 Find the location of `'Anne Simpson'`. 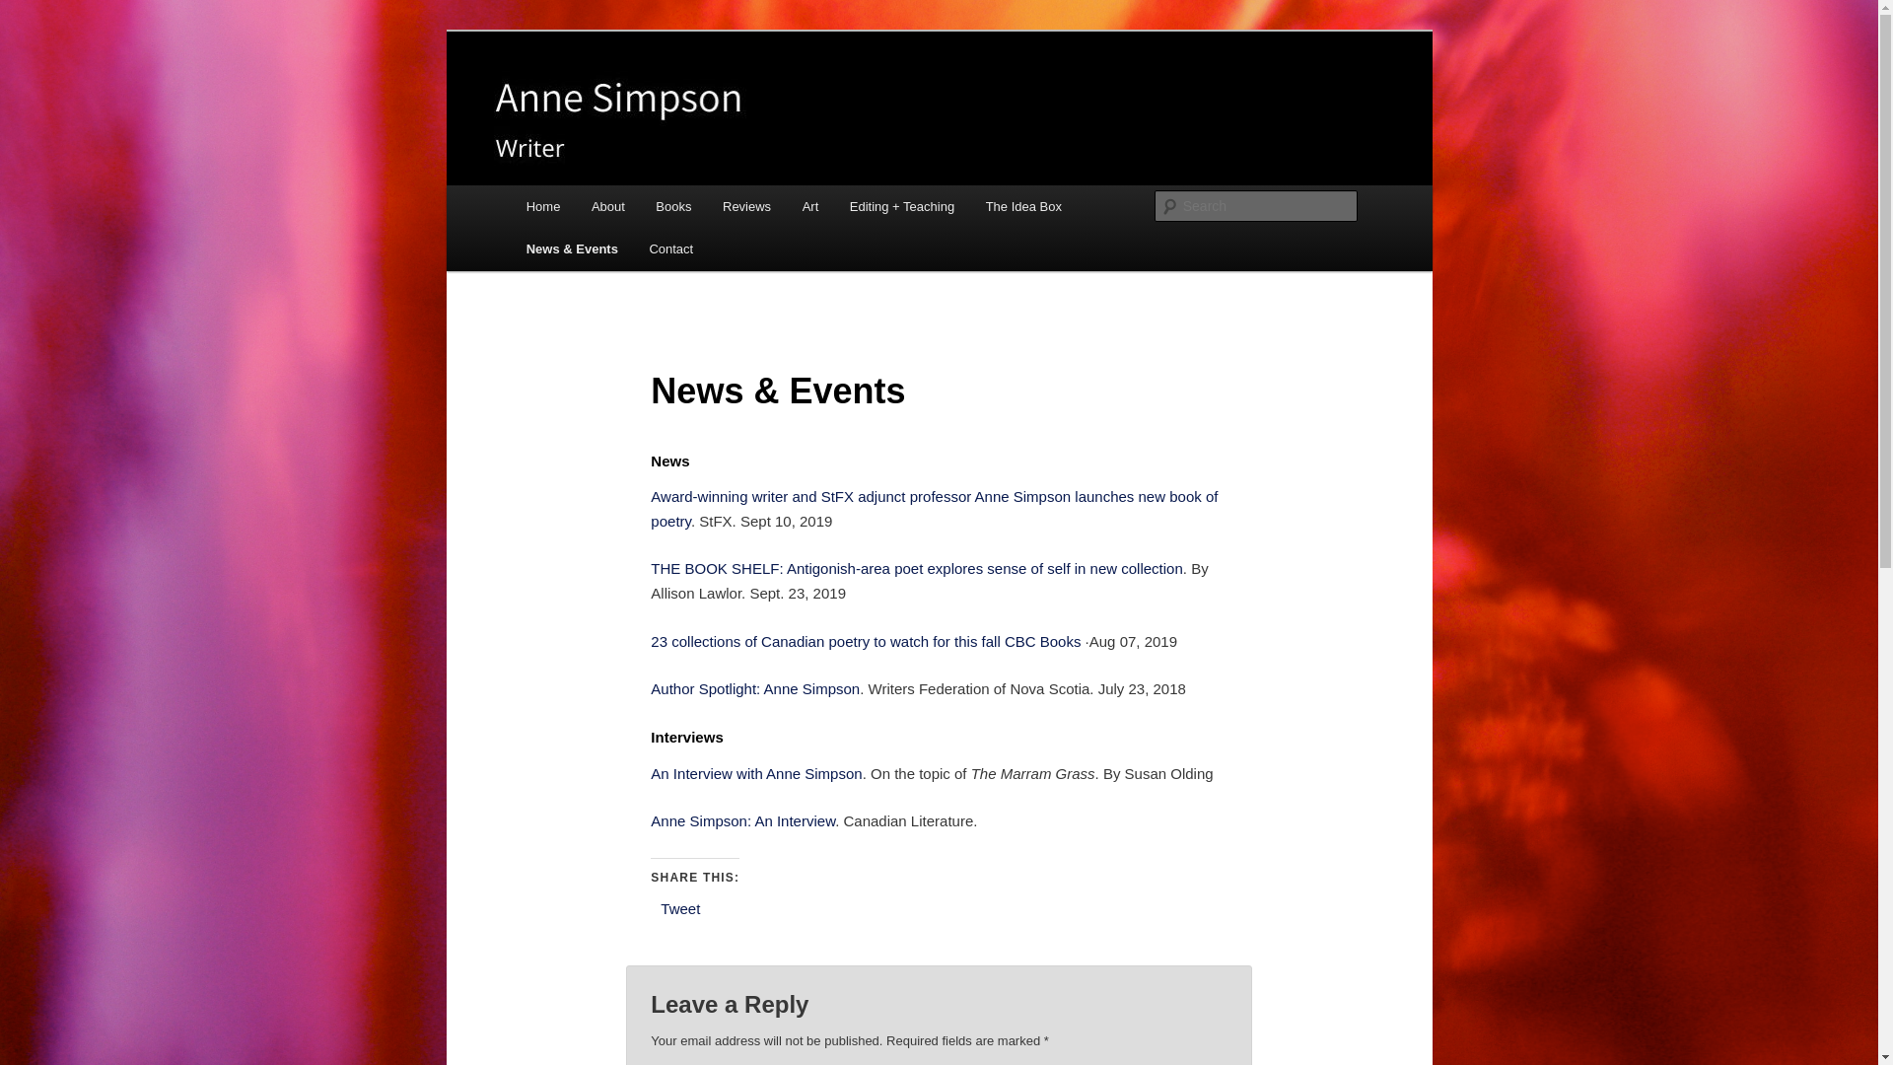

'Anne Simpson' is located at coordinates (521, 103).